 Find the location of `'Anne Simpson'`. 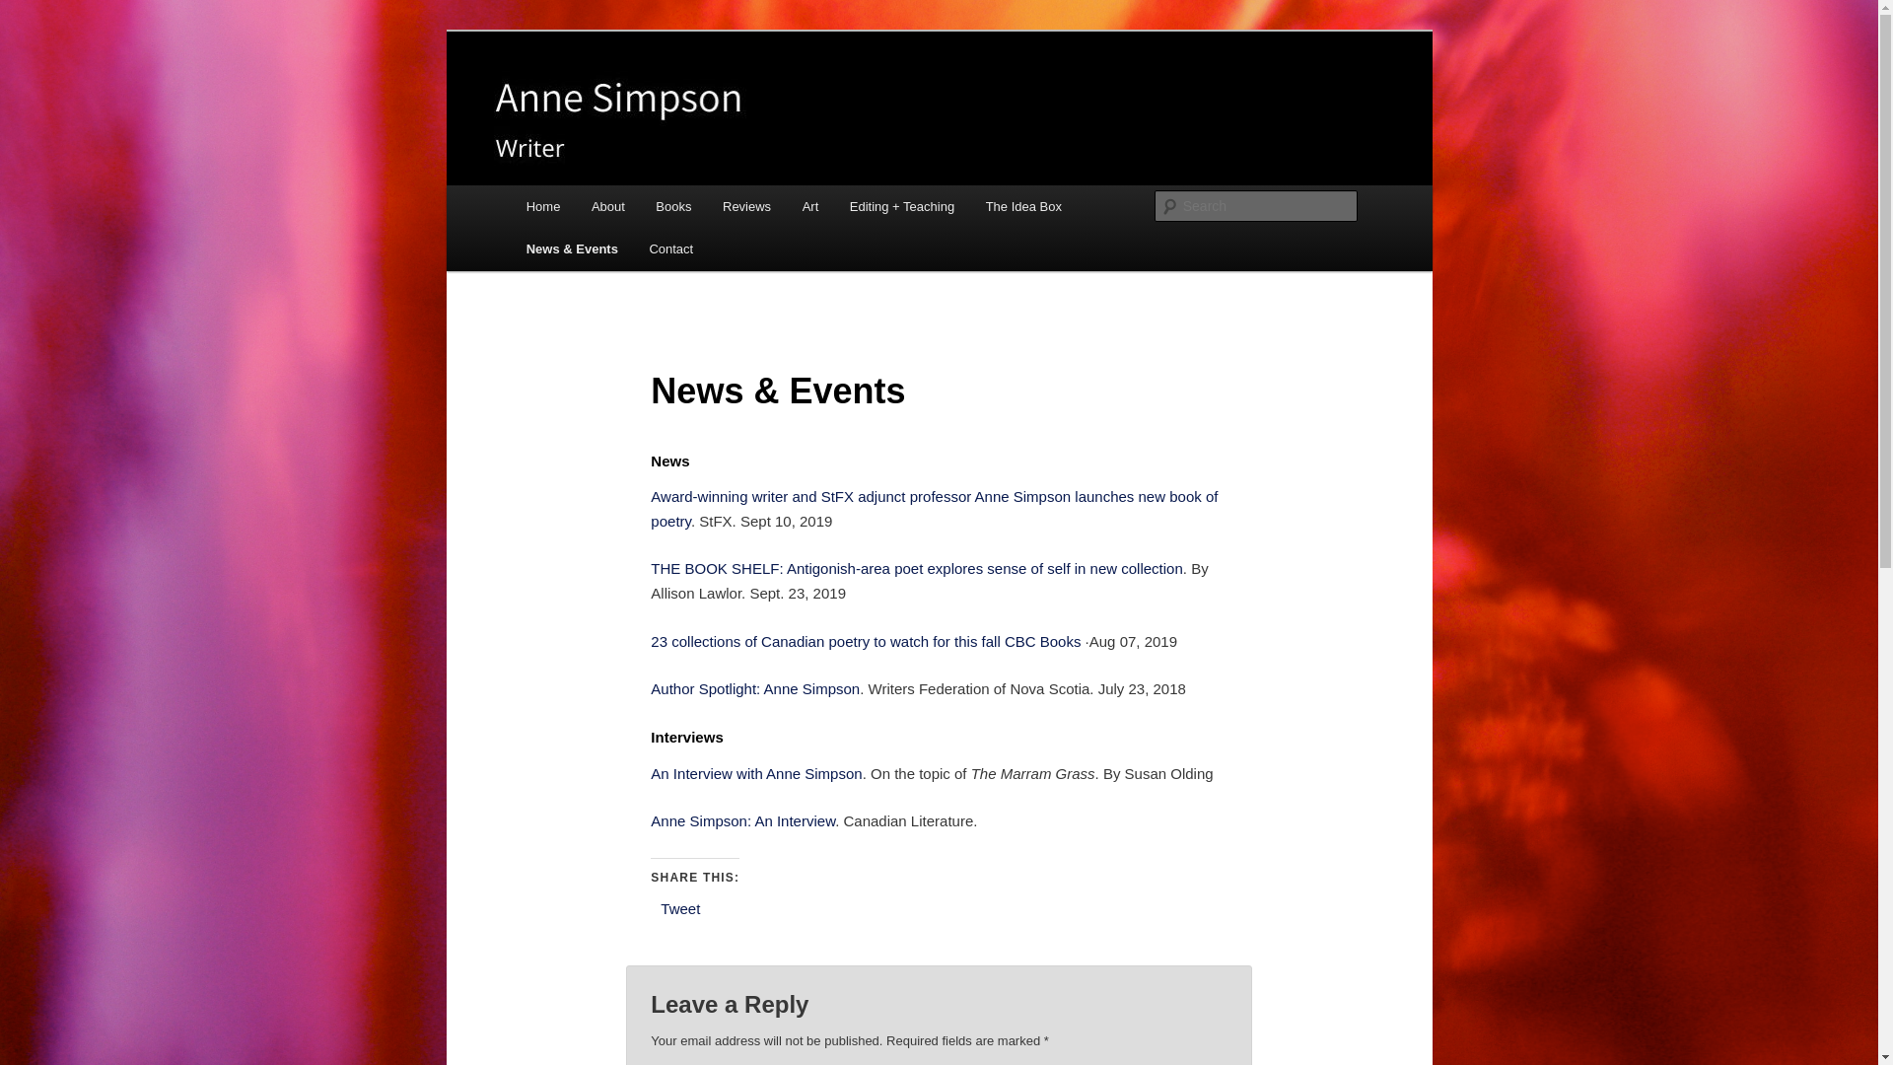

'Anne Simpson' is located at coordinates (521, 103).